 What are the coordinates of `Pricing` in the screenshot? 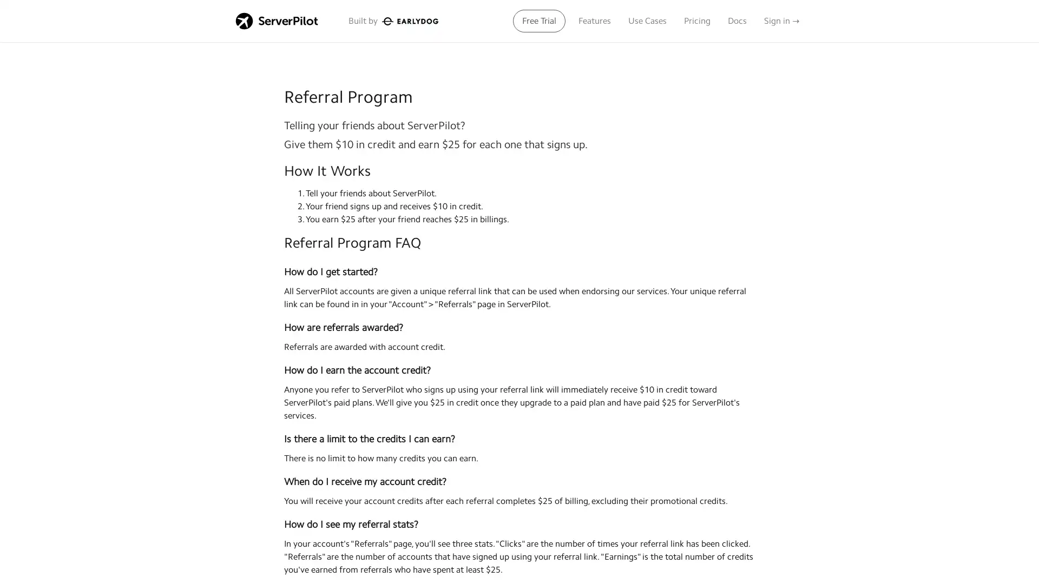 It's located at (697, 21).